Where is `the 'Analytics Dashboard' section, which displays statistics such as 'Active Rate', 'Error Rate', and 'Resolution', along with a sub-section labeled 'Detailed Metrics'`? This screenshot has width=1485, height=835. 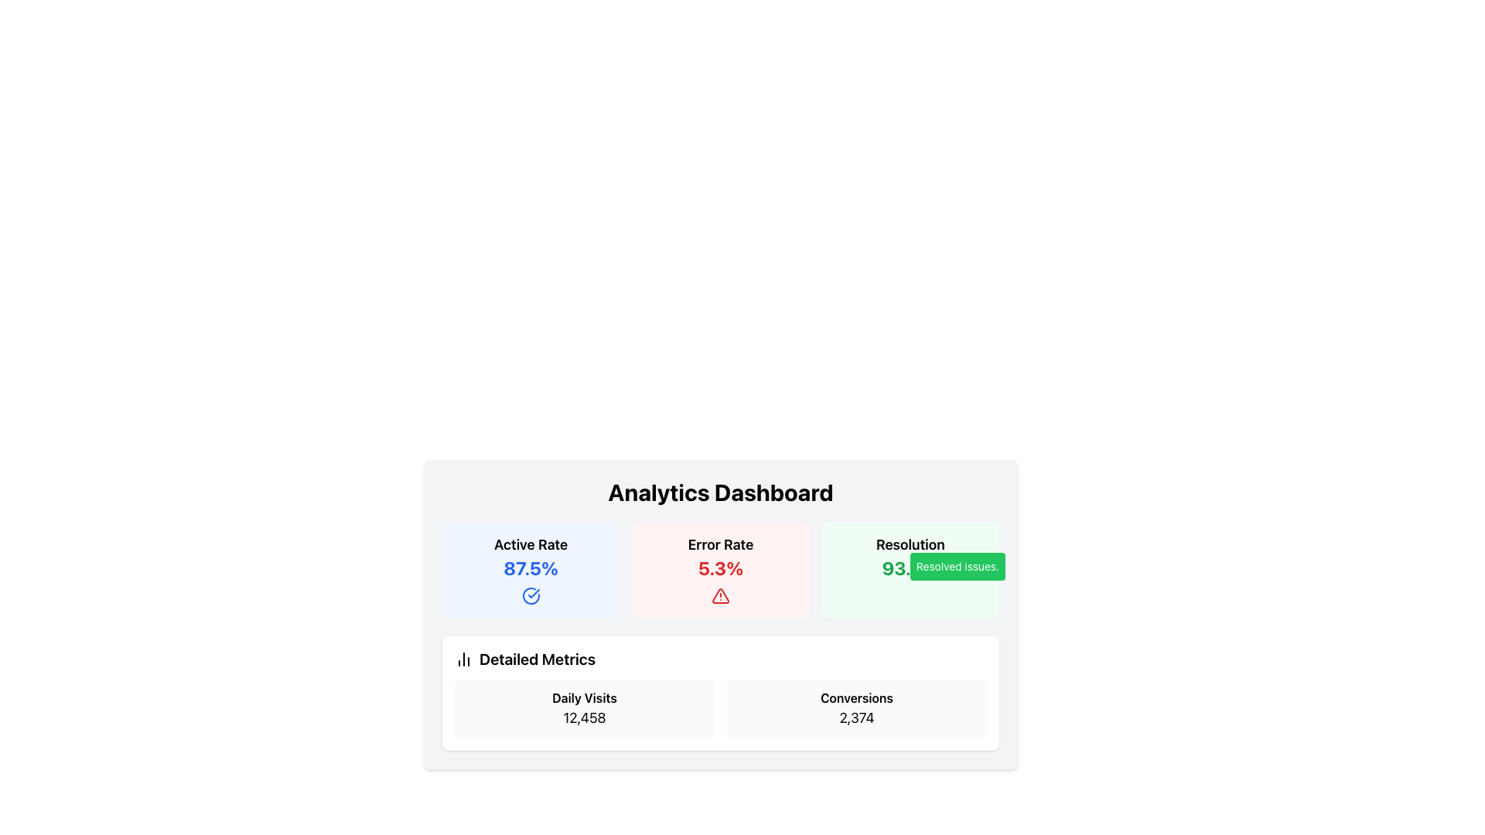
the 'Analytics Dashboard' section, which displays statistics such as 'Active Rate', 'Error Rate', and 'Resolution', along with a sub-section labeled 'Detailed Metrics' is located at coordinates (719, 613).